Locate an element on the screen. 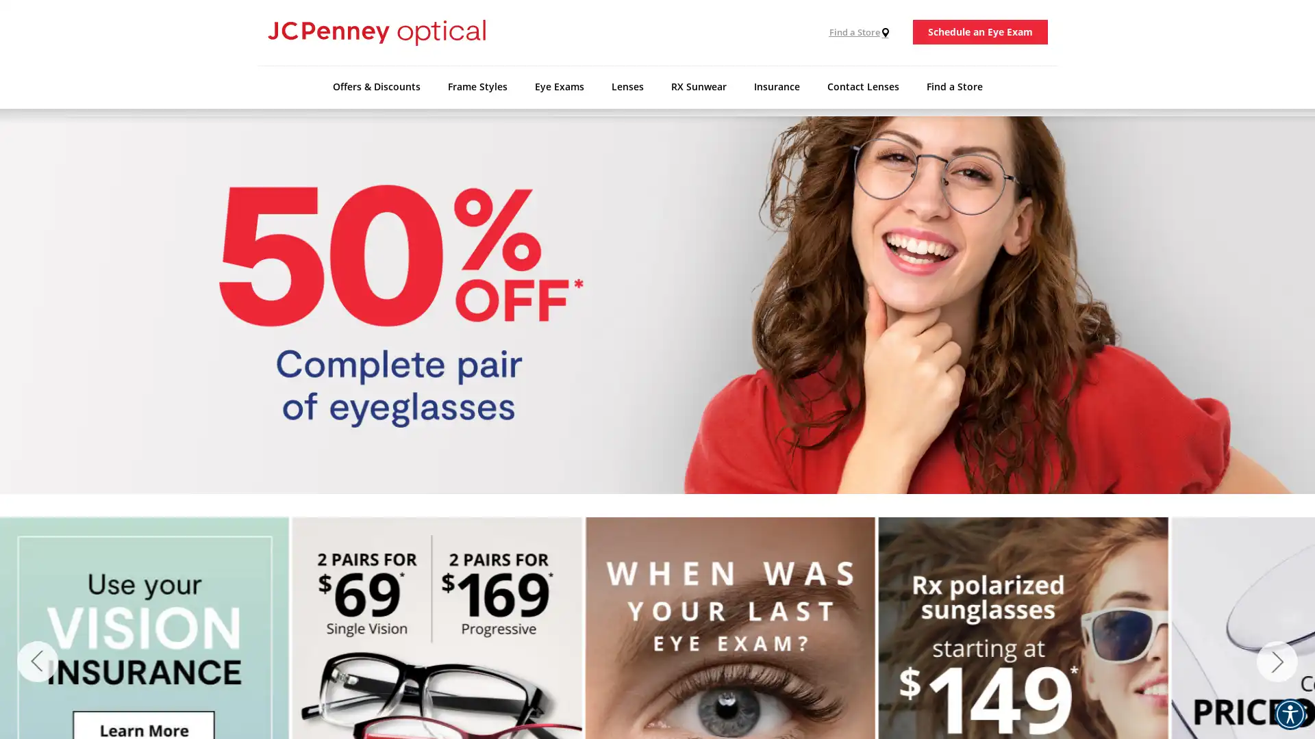 The image size is (1315, 739). Schedule an Eye Exam is located at coordinates (979, 31).